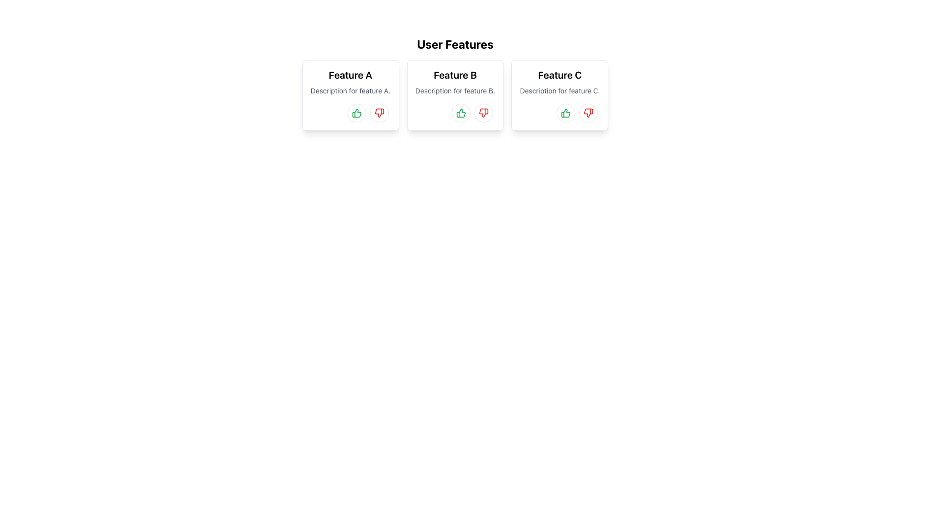 The image size is (944, 531). I want to click on the text label or heading that serves as the title for the card labeled 'Feature C' in the 'User Features' section, so click(560, 75).